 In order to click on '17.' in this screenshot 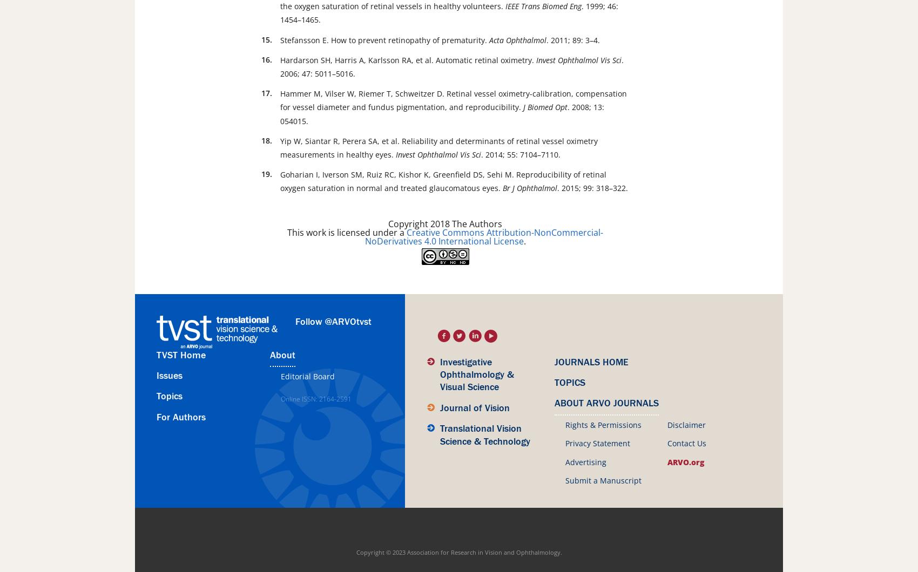, I will do `click(267, 92)`.